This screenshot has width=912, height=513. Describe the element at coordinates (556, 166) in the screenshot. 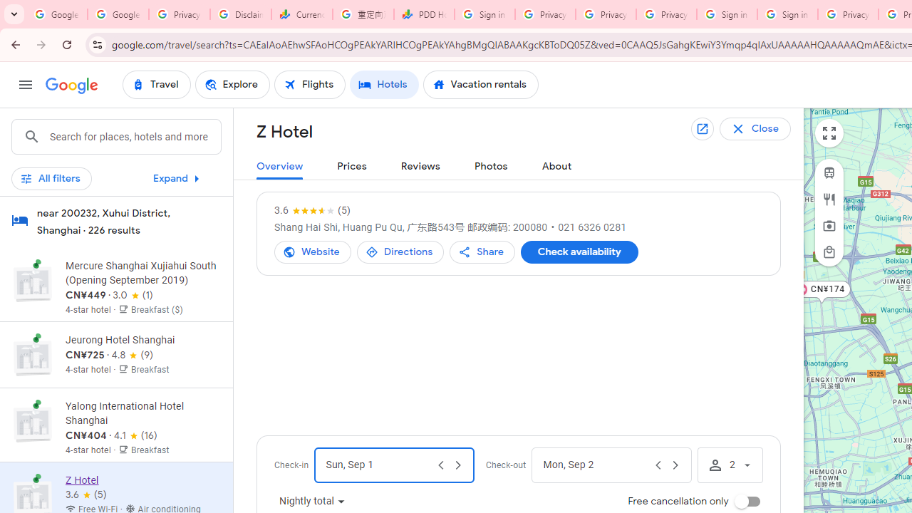

I see `'About'` at that location.